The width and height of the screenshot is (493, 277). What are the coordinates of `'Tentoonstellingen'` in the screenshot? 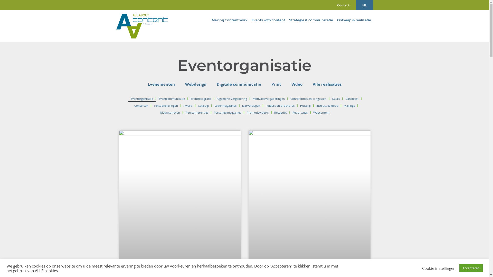 It's located at (165, 105).